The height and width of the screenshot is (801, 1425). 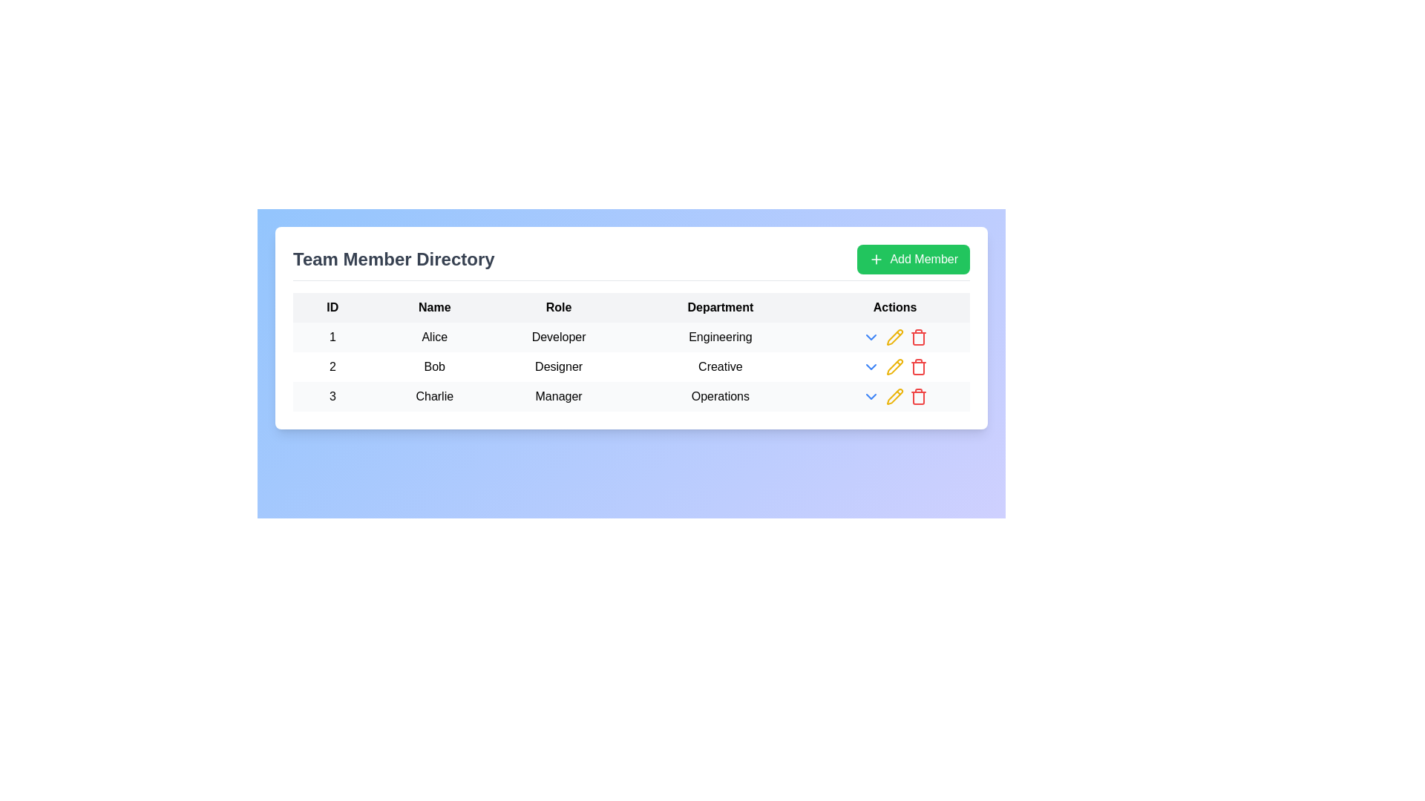 I want to click on the trashcan icon in the 'Actions' column of the table, so click(x=918, y=338).